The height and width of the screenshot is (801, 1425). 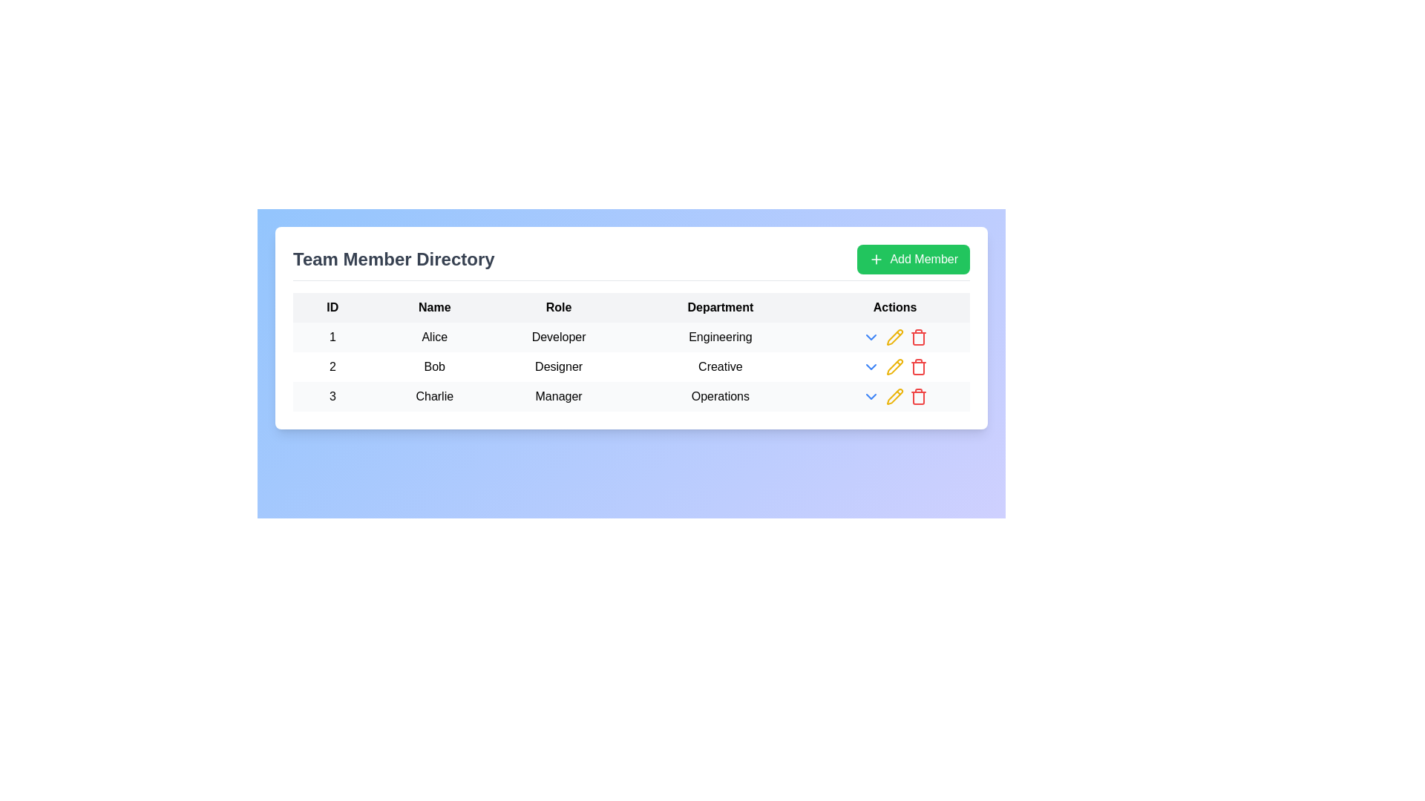 I want to click on the trashcan icon in the 'Actions' column of the table, so click(x=918, y=338).